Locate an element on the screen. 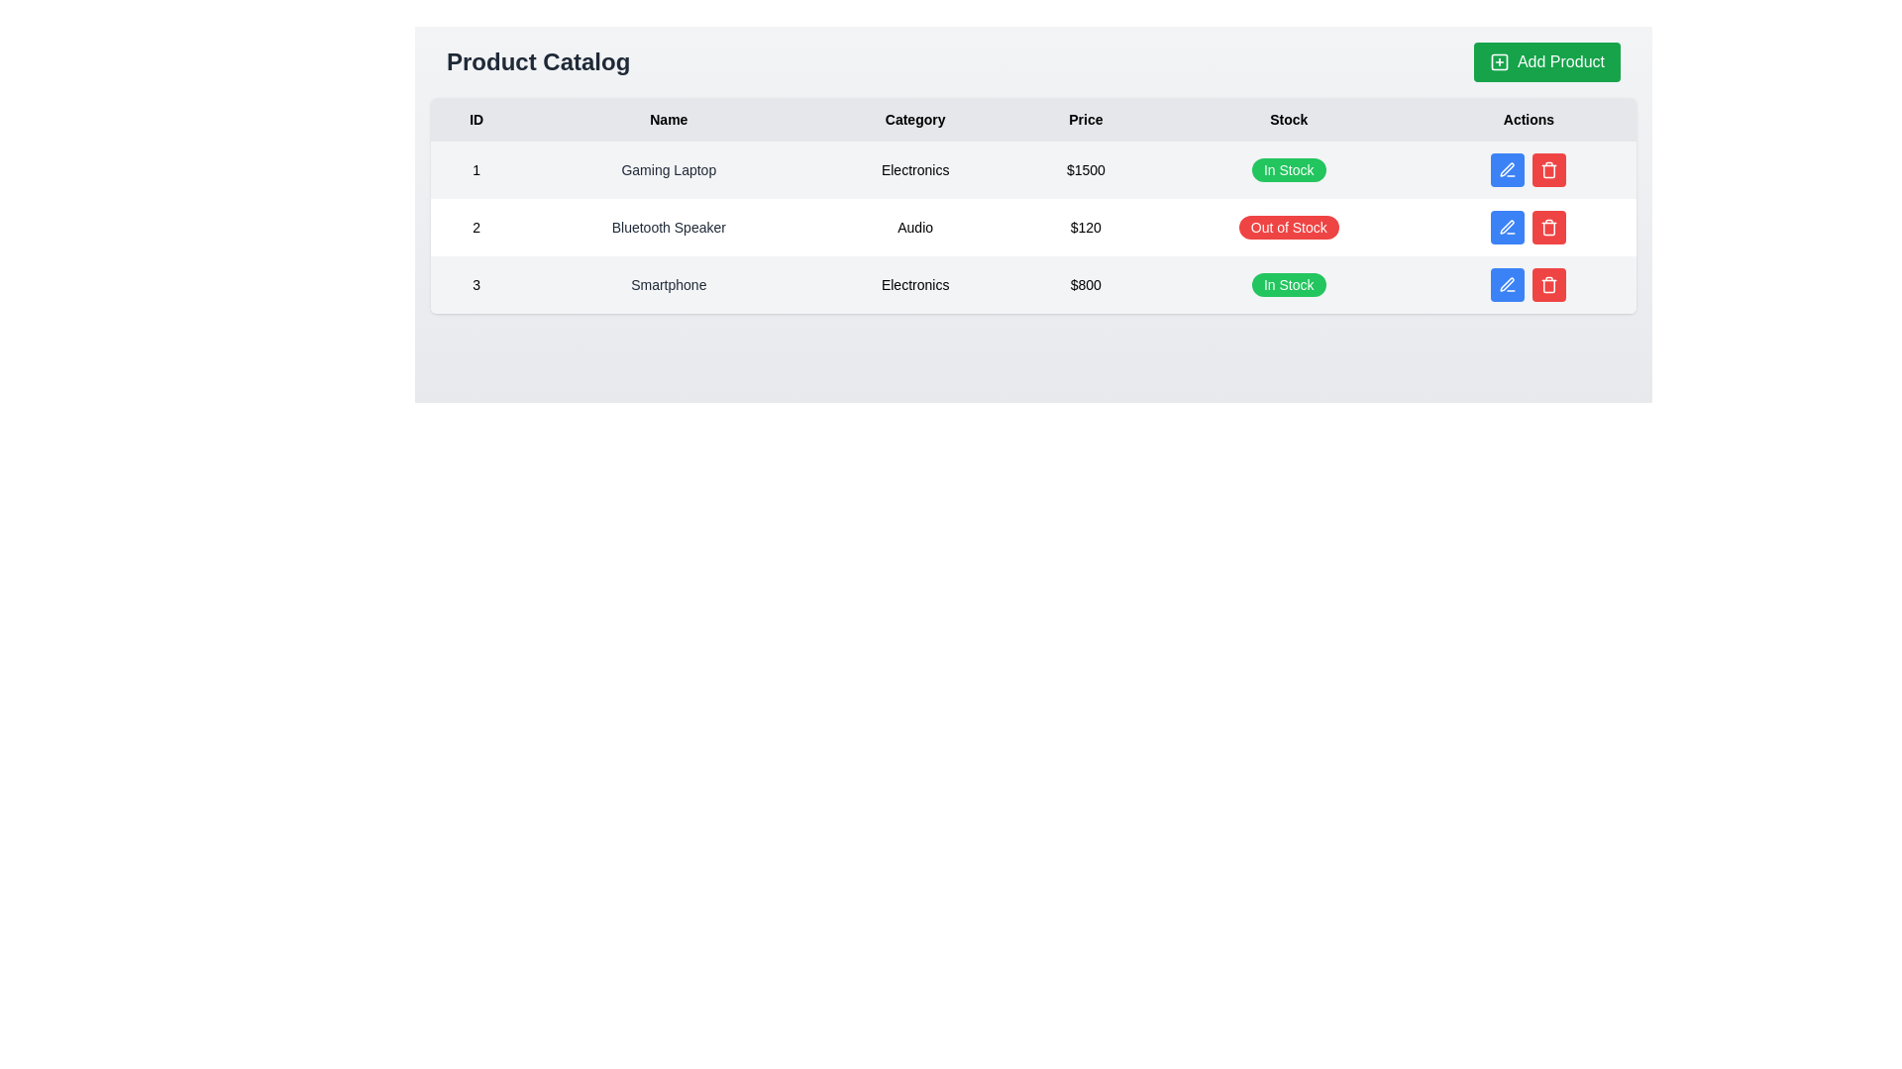 This screenshot has height=1069, width=1902. the static text element labeled 'Smartphone', which is located in the third row of the product catalog table under the 'Name' column is located at coordinates (669, 285).